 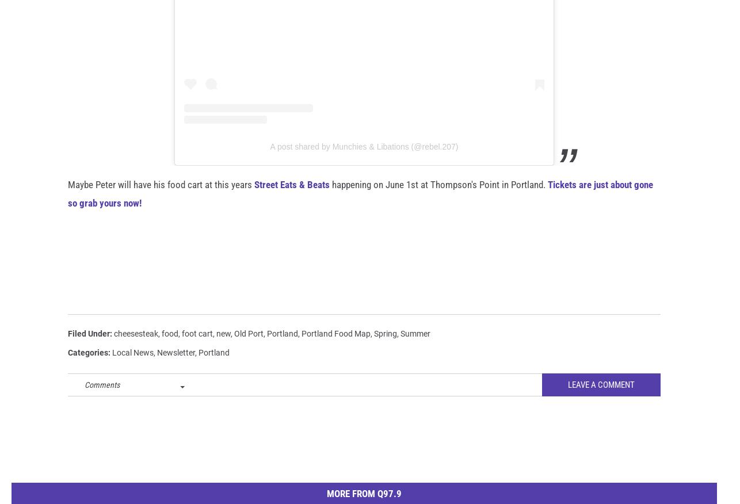 What do you see at coordinates (176, 371) in the screenshot?
I see `'Newsletter'` at bounding box center [176, 371].